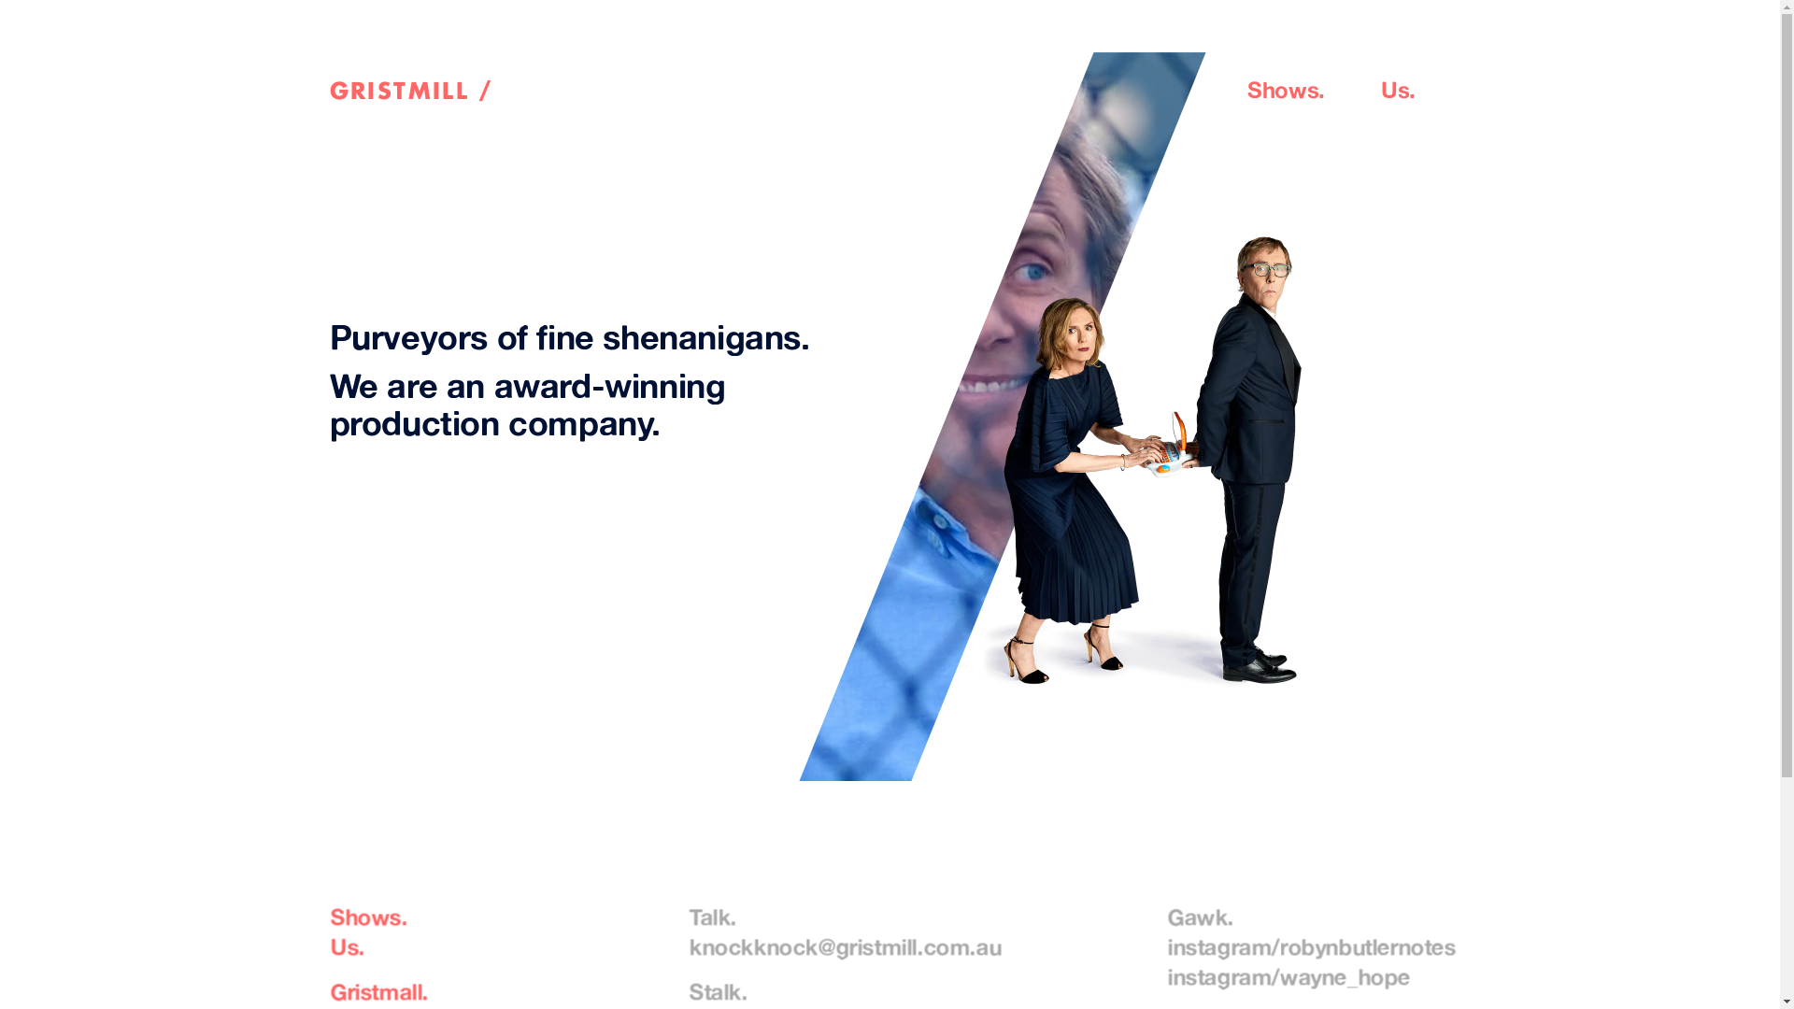  Describe the element at coordinates (843, 946) in the screenshot. I see `'knockknock@gristmill.com.au'` at that location.